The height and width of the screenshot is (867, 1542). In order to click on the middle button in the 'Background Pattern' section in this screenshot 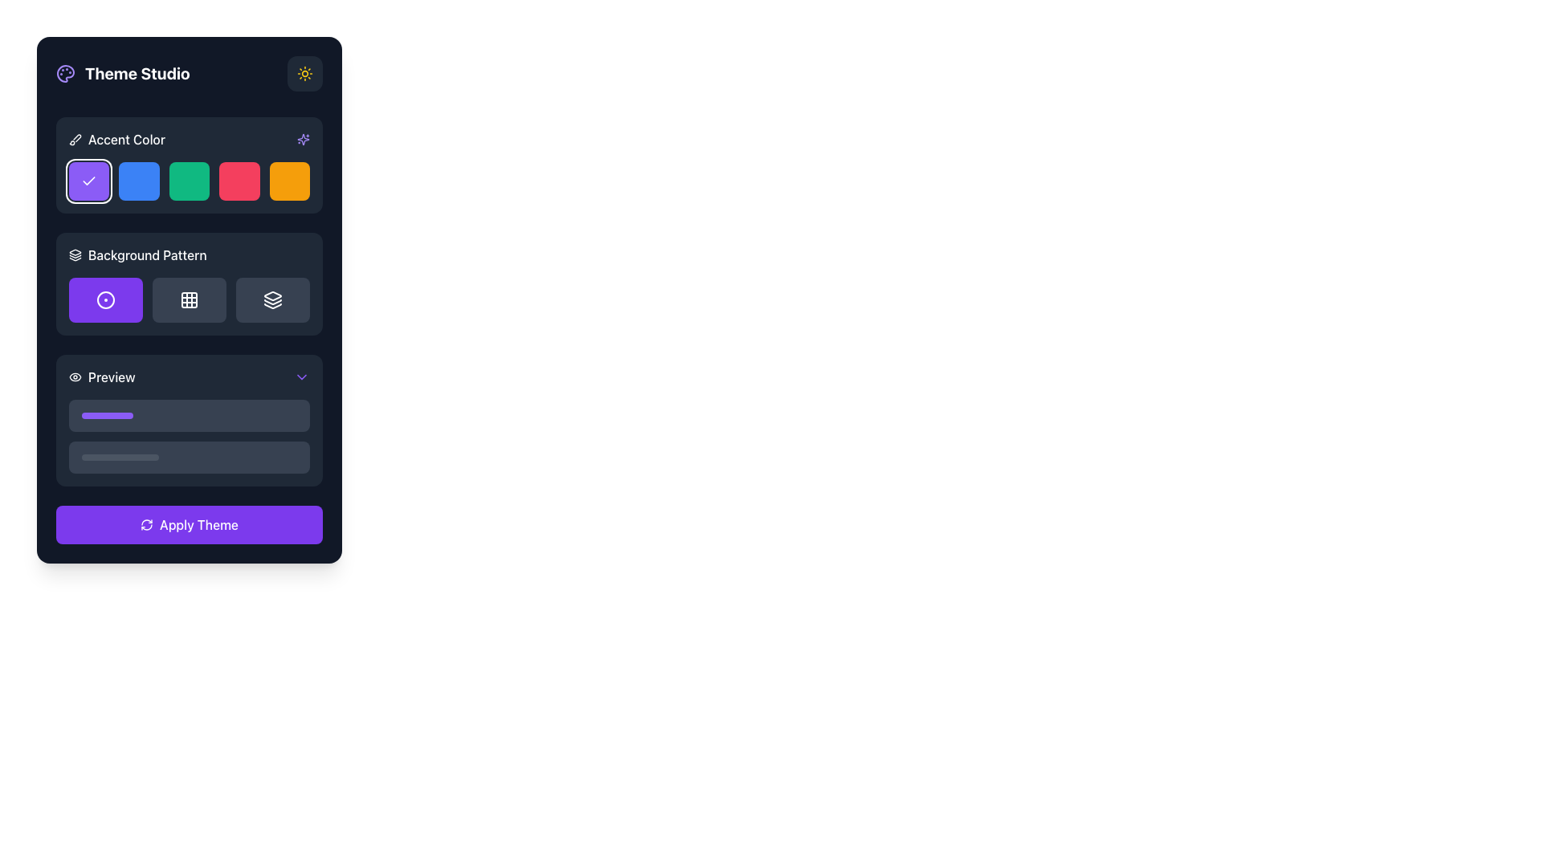, I will do `click(189, 300)`.